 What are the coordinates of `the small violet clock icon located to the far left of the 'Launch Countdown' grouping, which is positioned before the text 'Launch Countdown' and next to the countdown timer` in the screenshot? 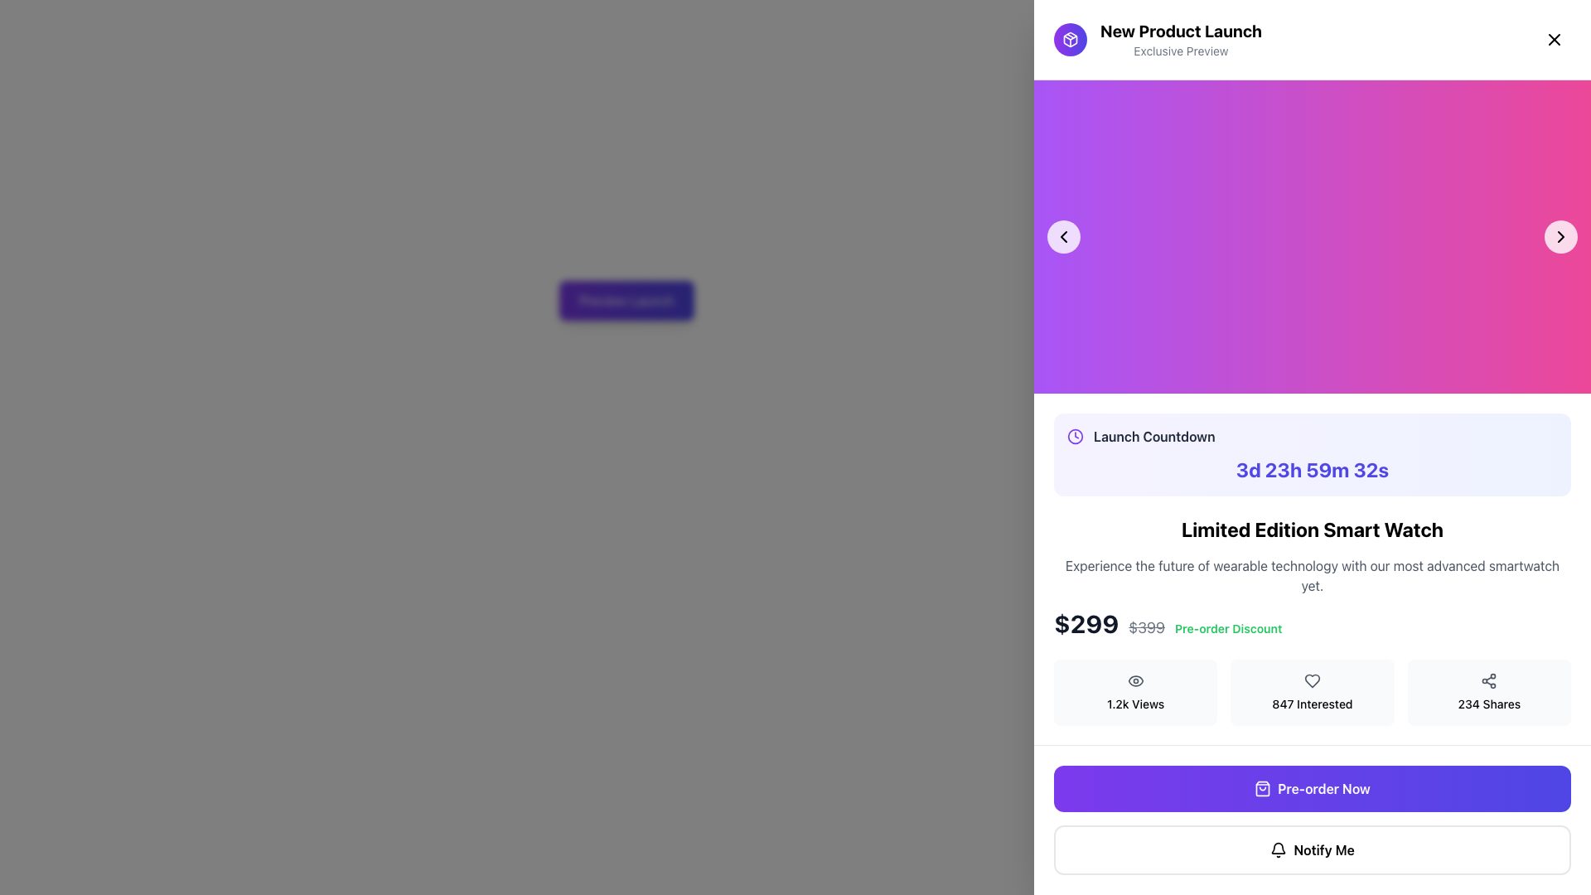 It's located at (1075, 436).